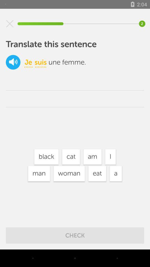 This screenshot has height=267, width=150. What do you see at coordinates (13, 62) in the screenshot?
I see `the volume icon` at bounding box center [13, 62].